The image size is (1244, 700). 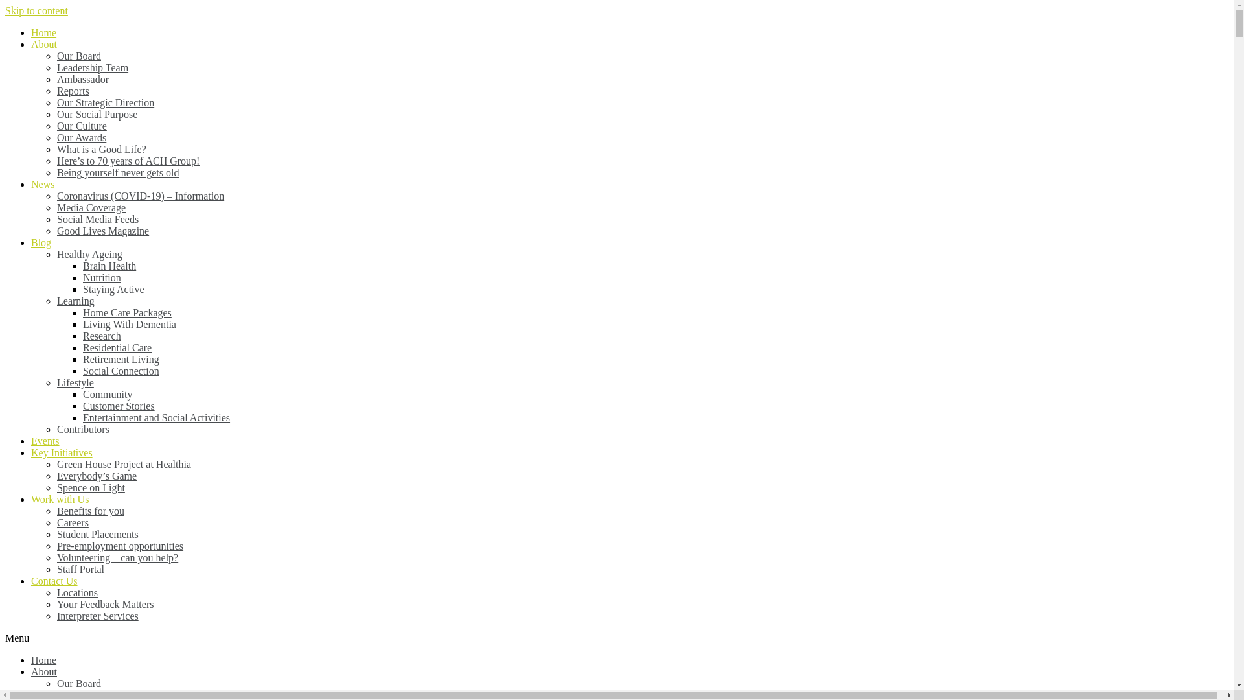 What do you see at coordinates (97, 218) in the screenshot?
I see `'Social Media Feeds'` at bounding box center [97, 218].